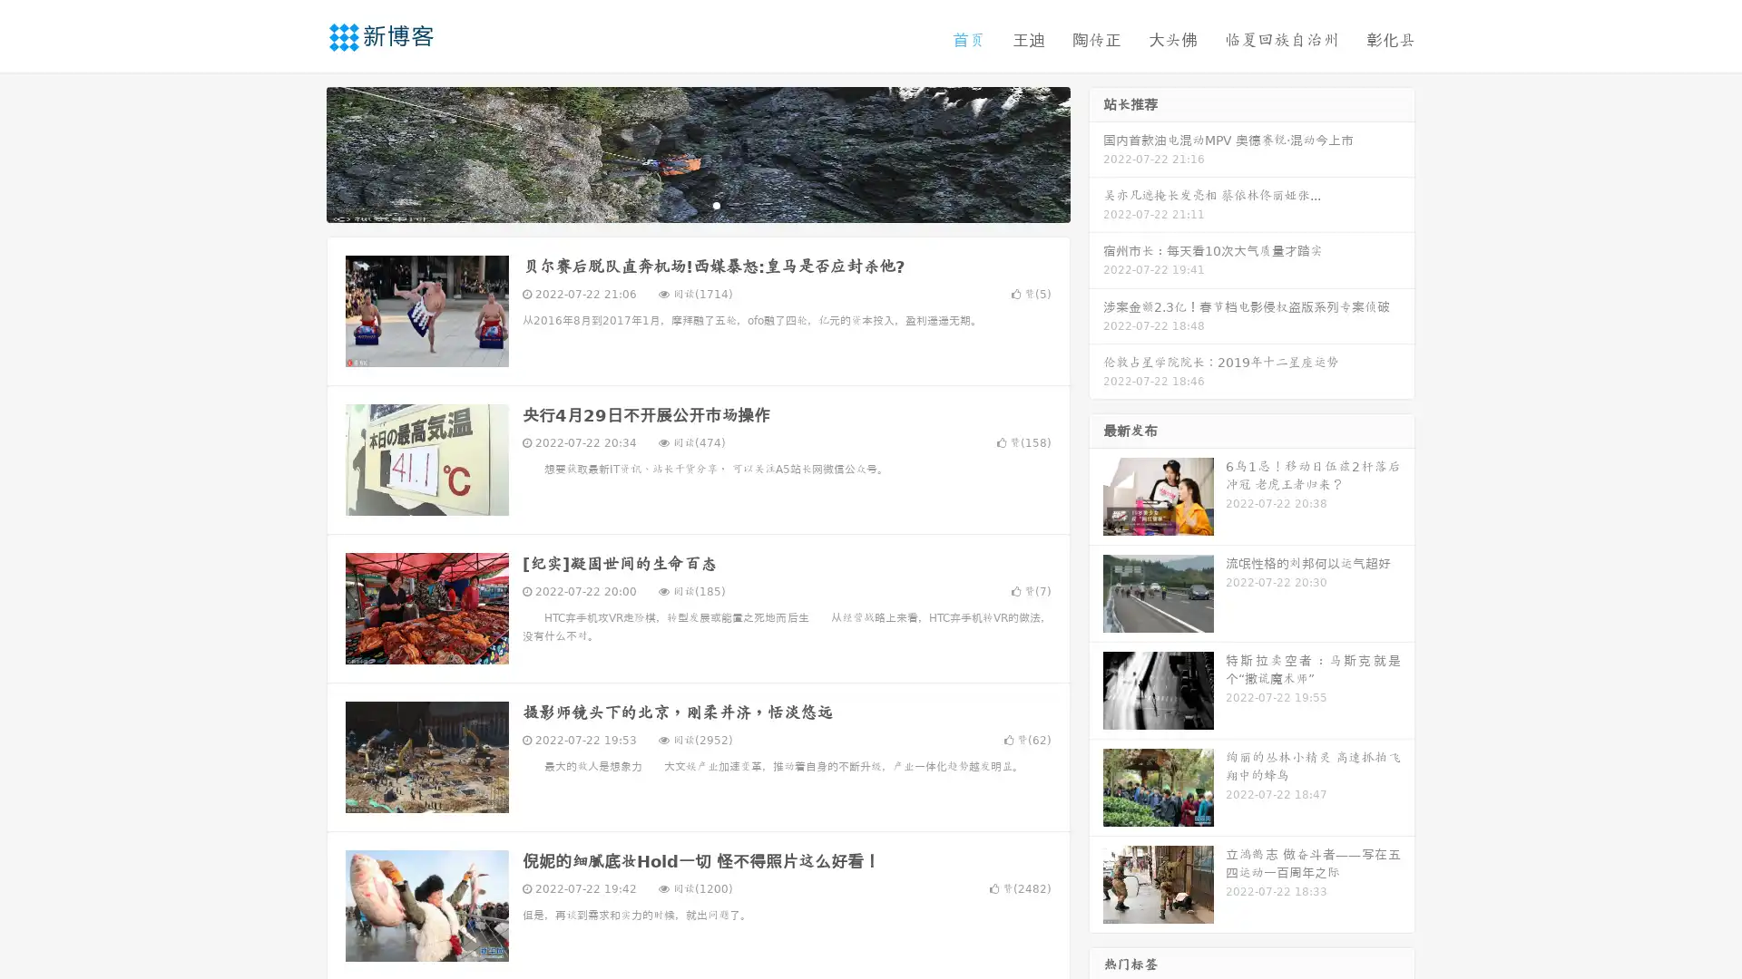 The width and height of the screenshot is (1742, 979). I want to click on Go to slide 1, so click(679, 204).